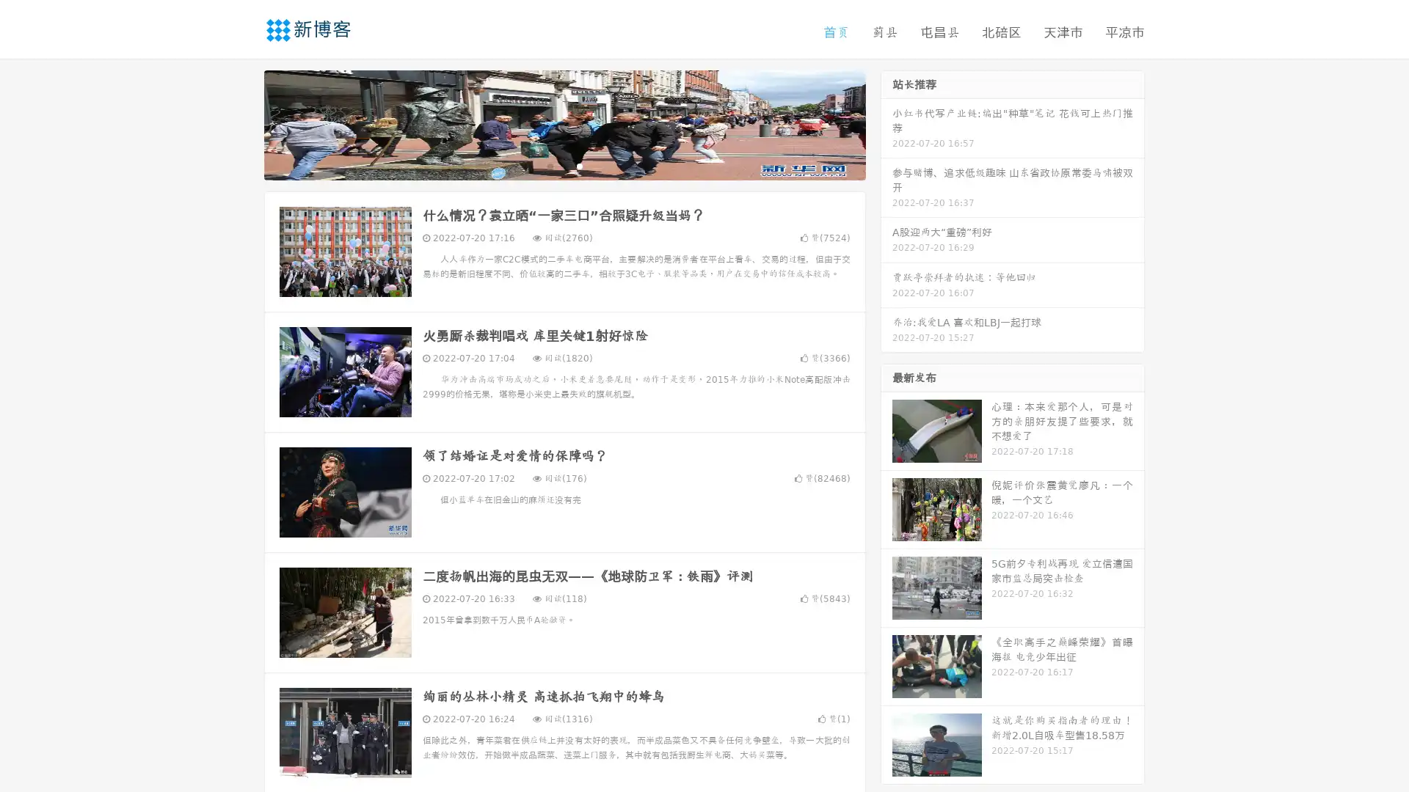 Image resolution: width=1409 pixels, height=792 pixels. What do you see at coordinates (886, 123) in the screenshot?
I see `Next slide` at bounding box center [886, 123].